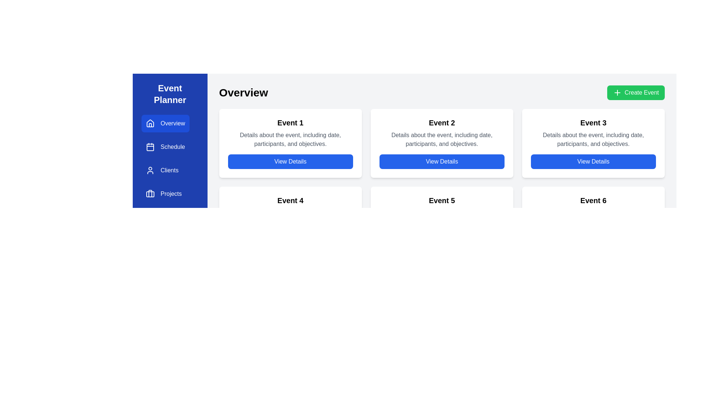 The width and height of the screenshot is (704, 396). I want to click on the text label indicating the identifier or name of the fourth event in the list, positioned under 'Event 3' in the grid layout, so click(290, 201).